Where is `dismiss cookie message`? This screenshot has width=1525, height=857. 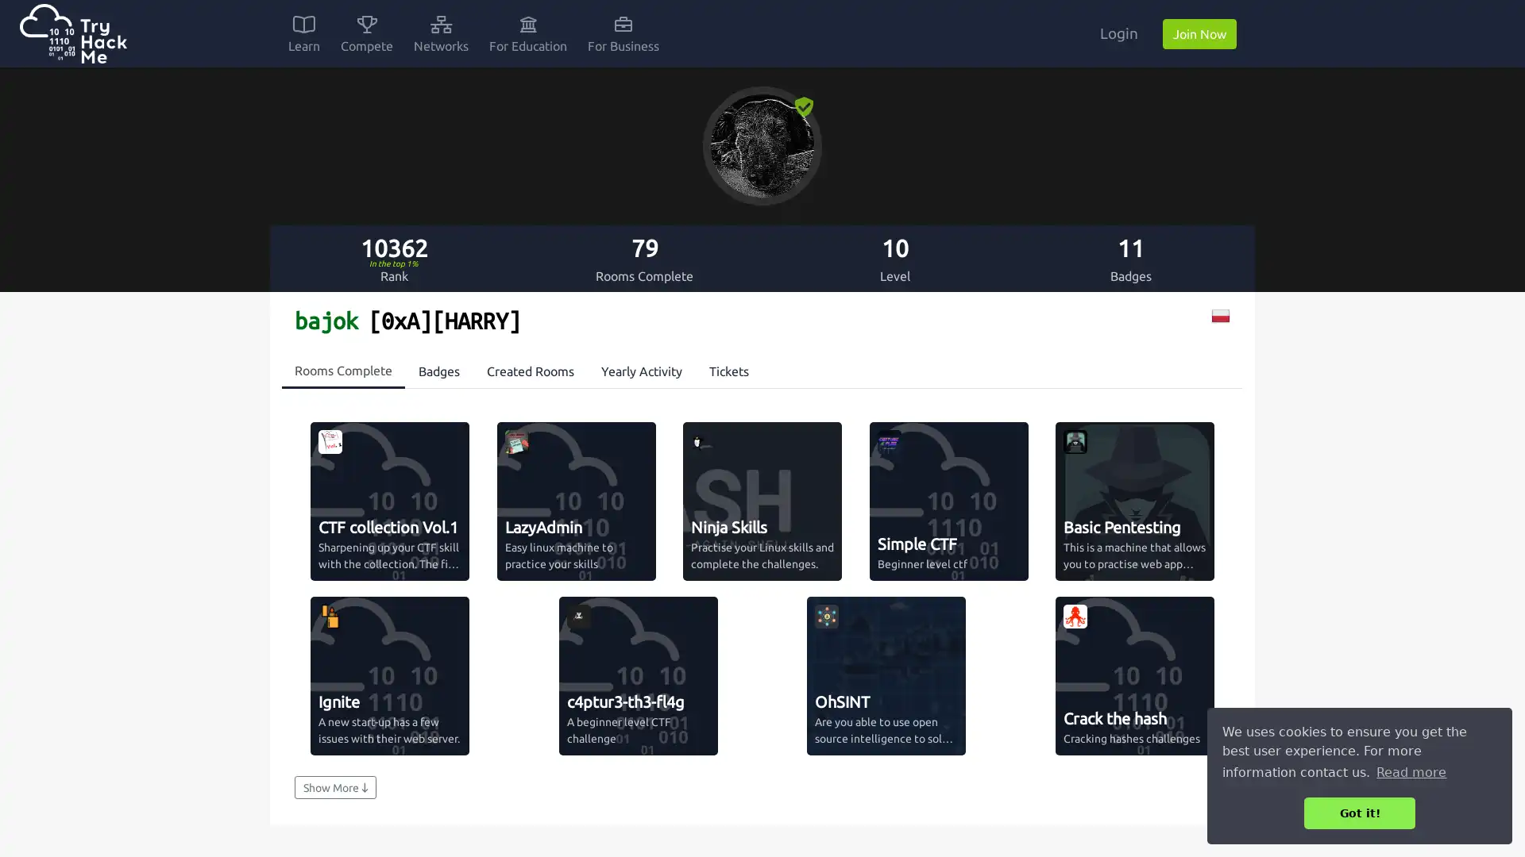 dismiss cookie message is located at coordinates (1359, 813).